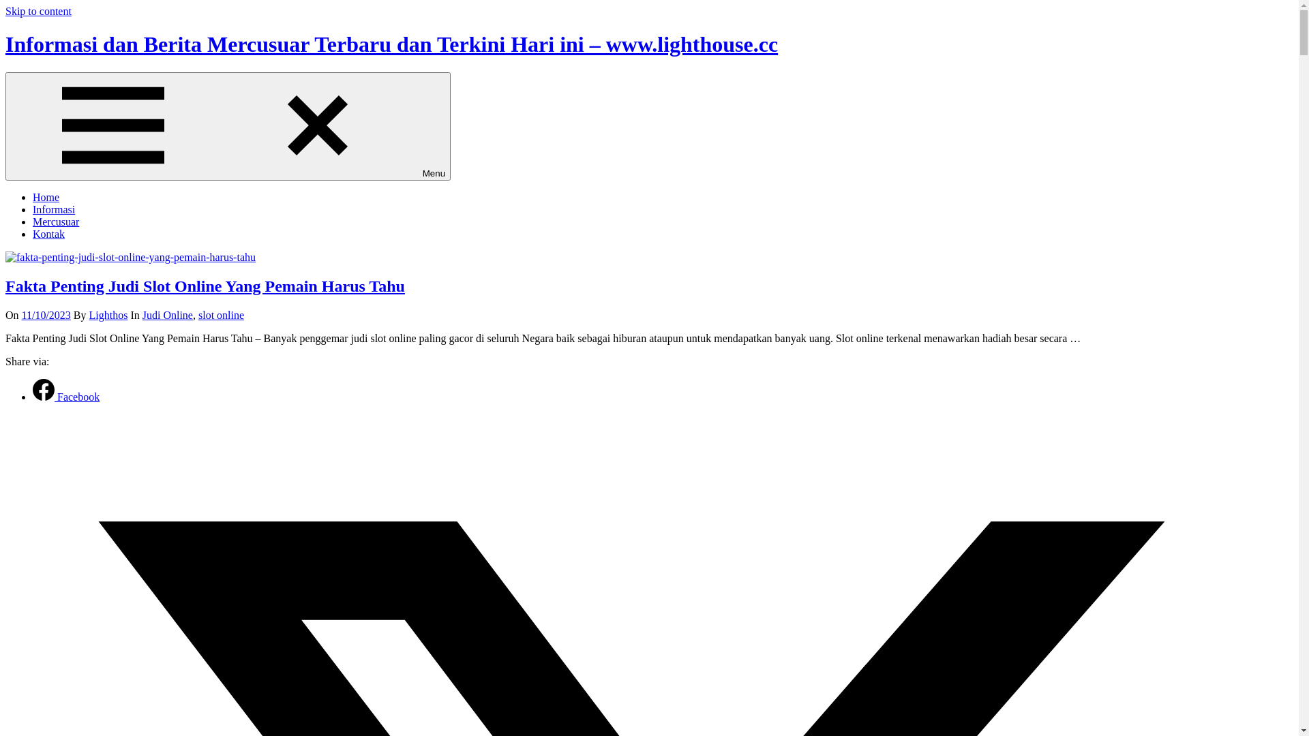 This screenshot has width=1309, height=736. What do you see at coordinates (142, 315) in the screenshot?
I see `'Judi Online'` at bounding box center [142, 315].